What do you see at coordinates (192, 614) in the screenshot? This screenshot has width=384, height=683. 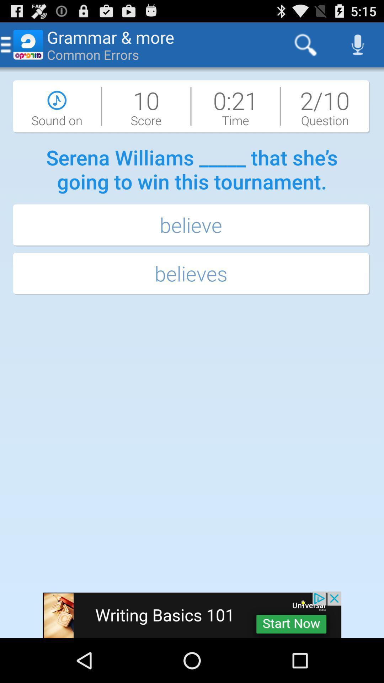 I see `select` at bounding box center [192, 614].